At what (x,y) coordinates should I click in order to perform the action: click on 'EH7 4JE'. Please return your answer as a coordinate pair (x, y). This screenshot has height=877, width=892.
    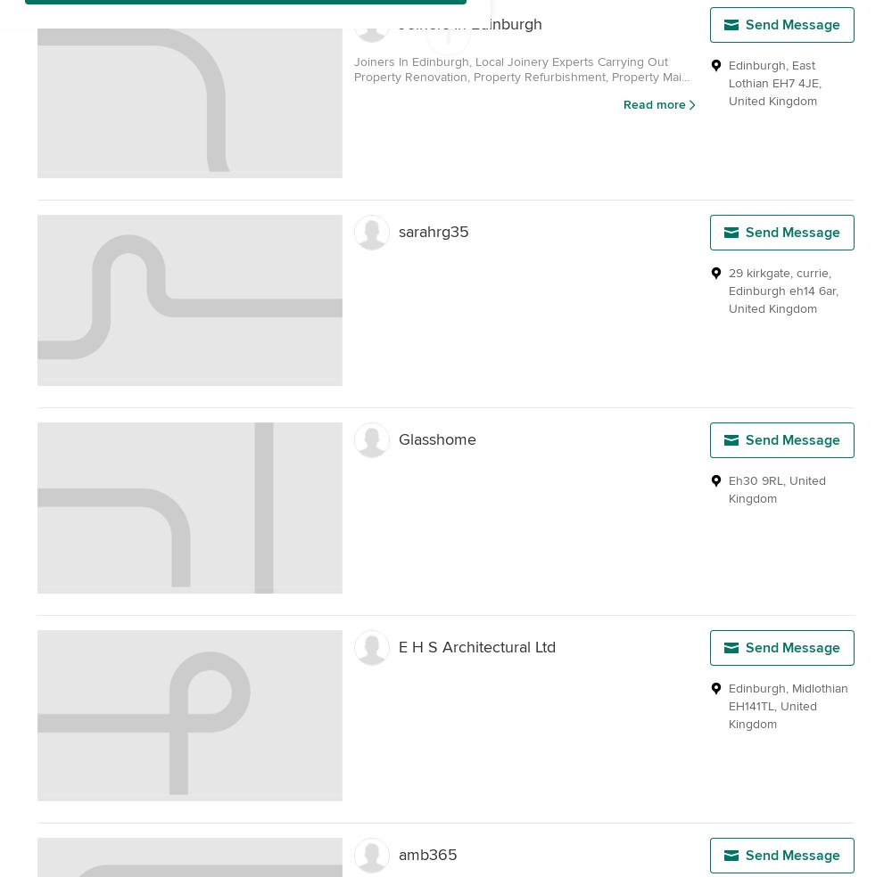
    Looking at the image, I should click on (796, 82).